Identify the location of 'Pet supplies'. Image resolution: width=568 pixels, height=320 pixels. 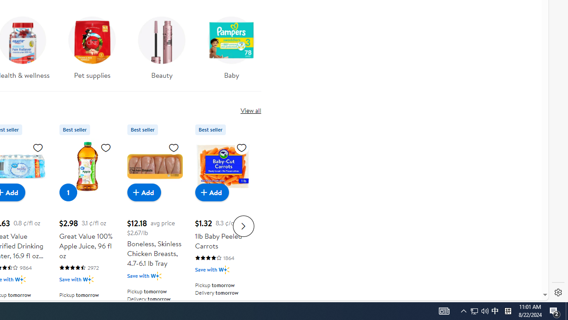
(92, 51).